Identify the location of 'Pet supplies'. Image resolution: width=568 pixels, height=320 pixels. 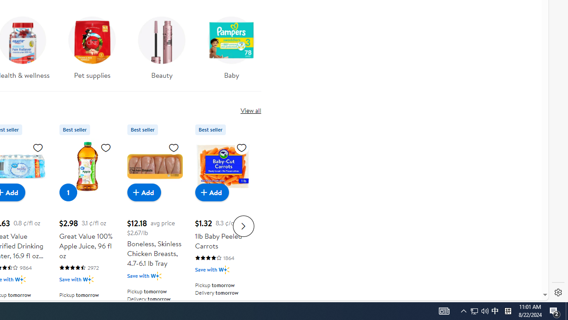
(92, 51).